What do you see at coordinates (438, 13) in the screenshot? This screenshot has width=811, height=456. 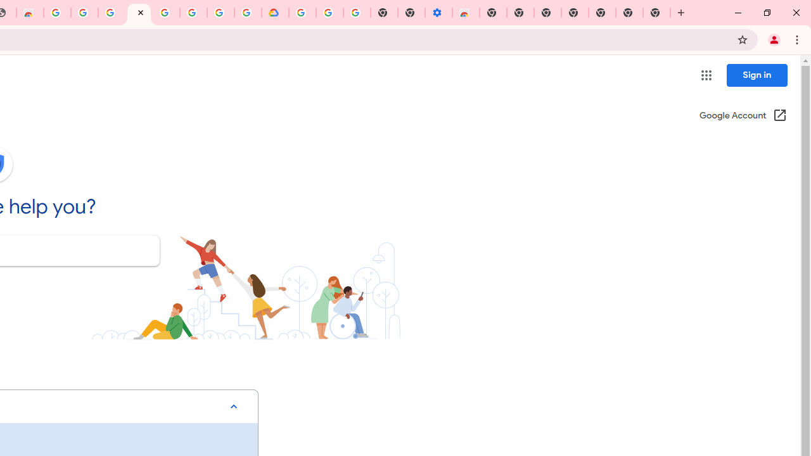 I see `'Settings - Accessibility'` at bounding box center [438, 13].